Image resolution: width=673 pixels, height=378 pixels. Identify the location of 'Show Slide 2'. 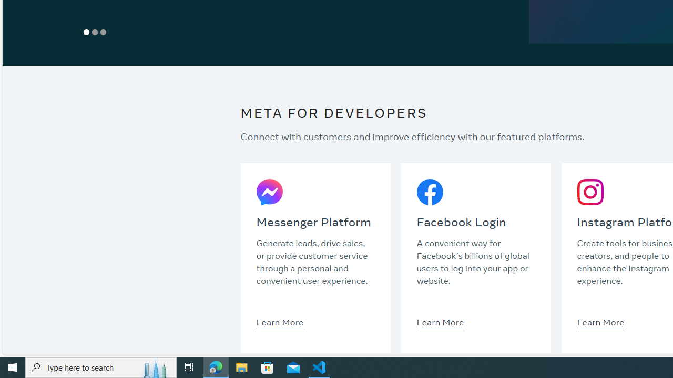
(95, 31).